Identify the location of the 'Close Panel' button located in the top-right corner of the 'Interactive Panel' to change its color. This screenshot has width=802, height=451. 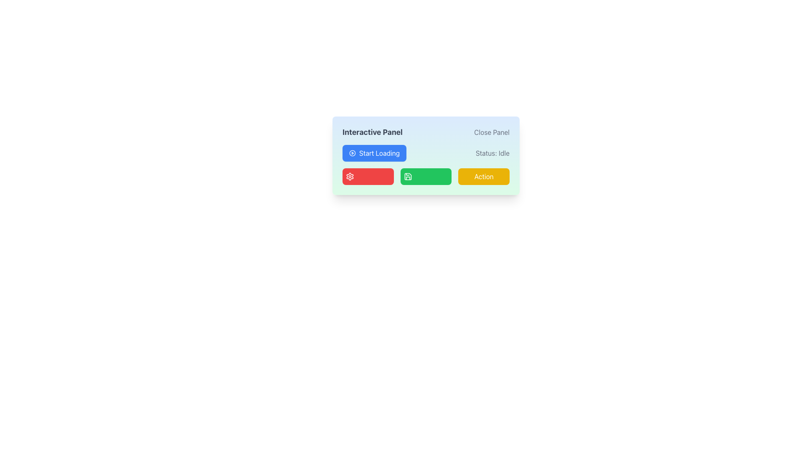
(492, 132).